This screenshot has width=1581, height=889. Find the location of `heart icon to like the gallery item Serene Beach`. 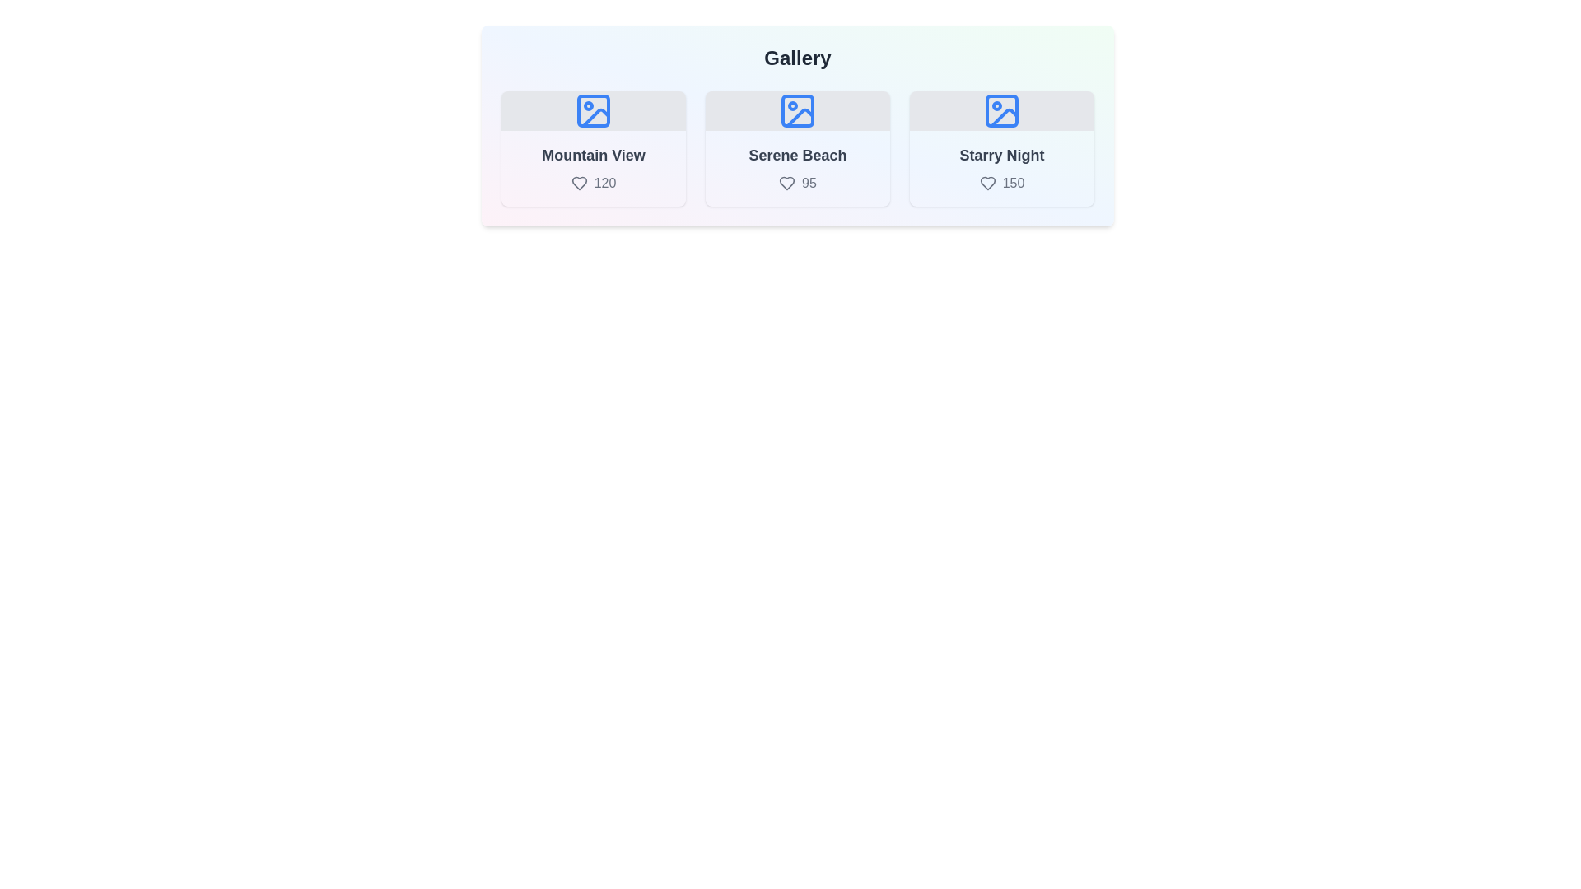

heart icon to like the gallery item Serene Beach is located at coordinates (786, 184).